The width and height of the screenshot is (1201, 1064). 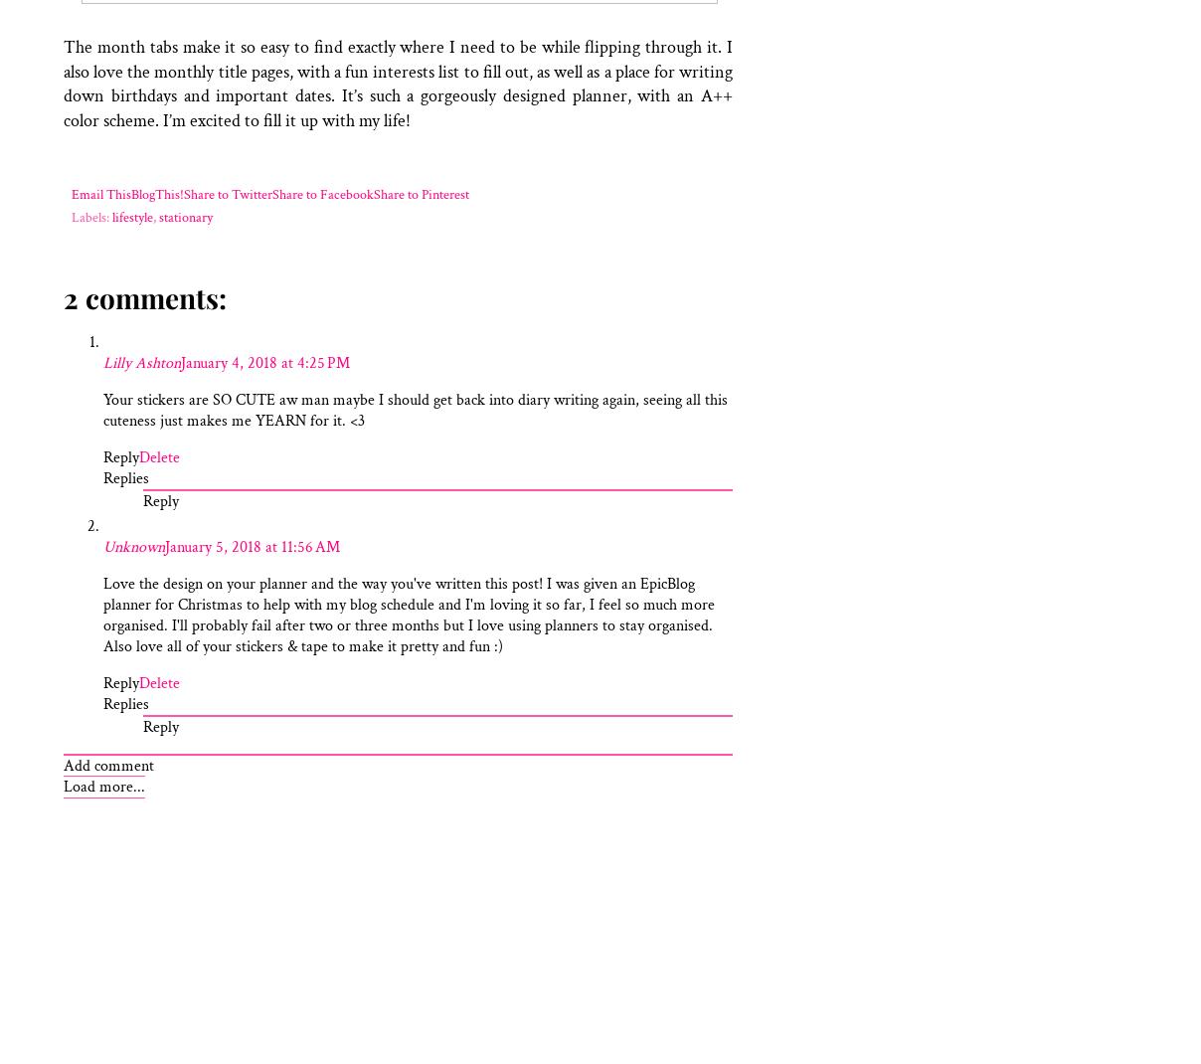 I want to click on 'Add comment', so click(x=63, y=764).